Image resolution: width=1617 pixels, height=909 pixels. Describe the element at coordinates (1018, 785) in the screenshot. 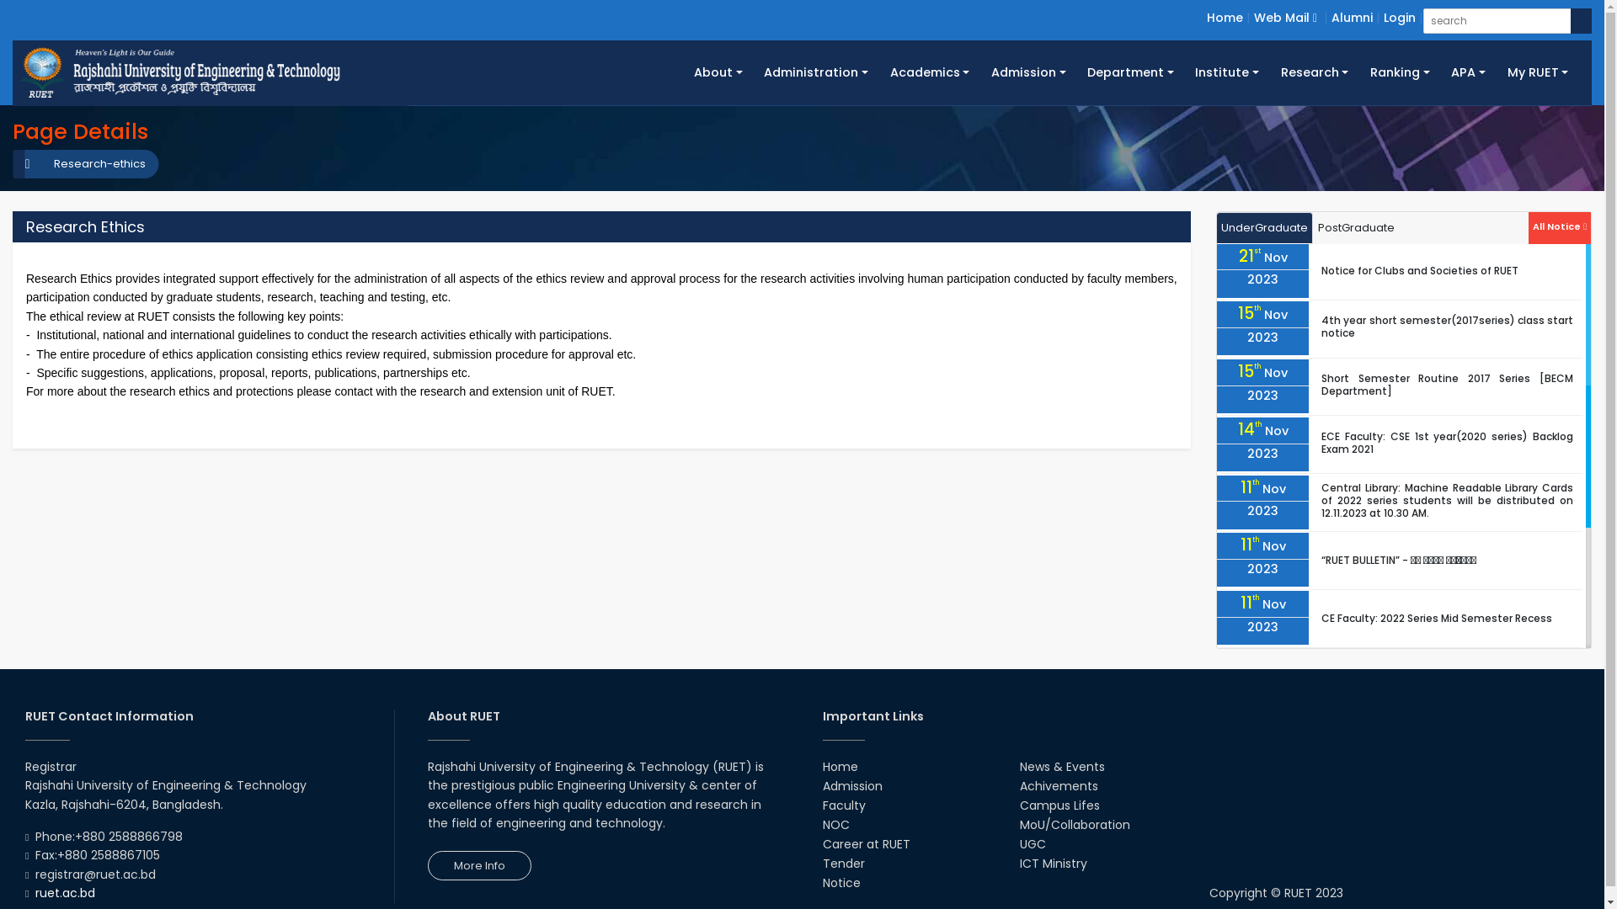

I see `'Achivements'` at that location.